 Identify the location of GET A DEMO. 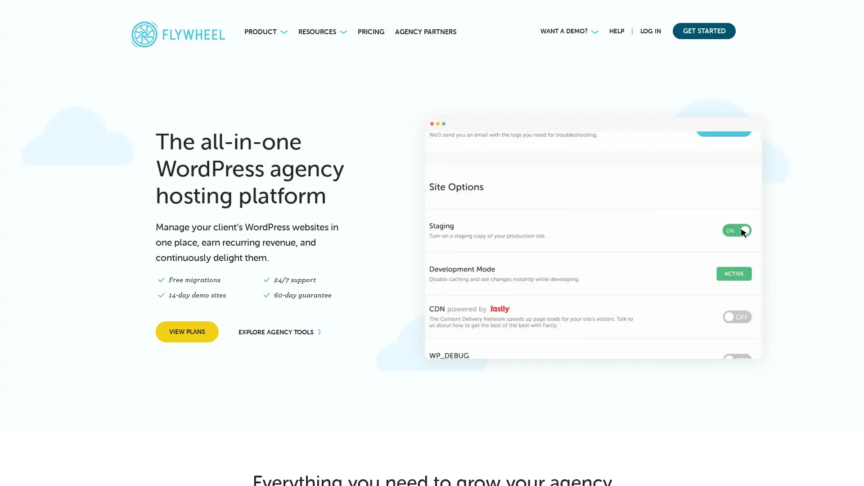
(156, 465).